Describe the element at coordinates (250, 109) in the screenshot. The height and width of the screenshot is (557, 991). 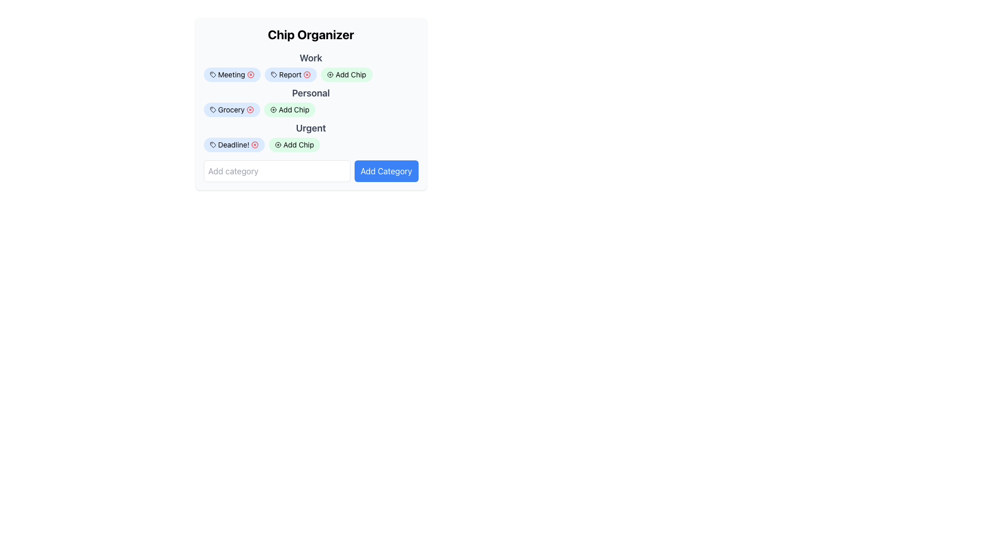
I see `the circular red delete icon next to the 'Grocery' label in the 'Personal' category` at that location.